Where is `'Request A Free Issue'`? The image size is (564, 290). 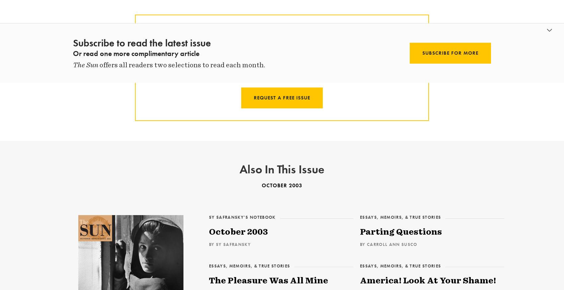
'Request A Free Issue' is located at coordinates (281, 97).